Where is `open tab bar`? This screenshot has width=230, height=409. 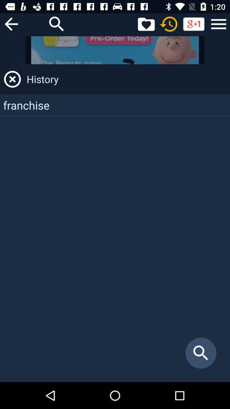
open tab bar is located at coordinates (218, 23).